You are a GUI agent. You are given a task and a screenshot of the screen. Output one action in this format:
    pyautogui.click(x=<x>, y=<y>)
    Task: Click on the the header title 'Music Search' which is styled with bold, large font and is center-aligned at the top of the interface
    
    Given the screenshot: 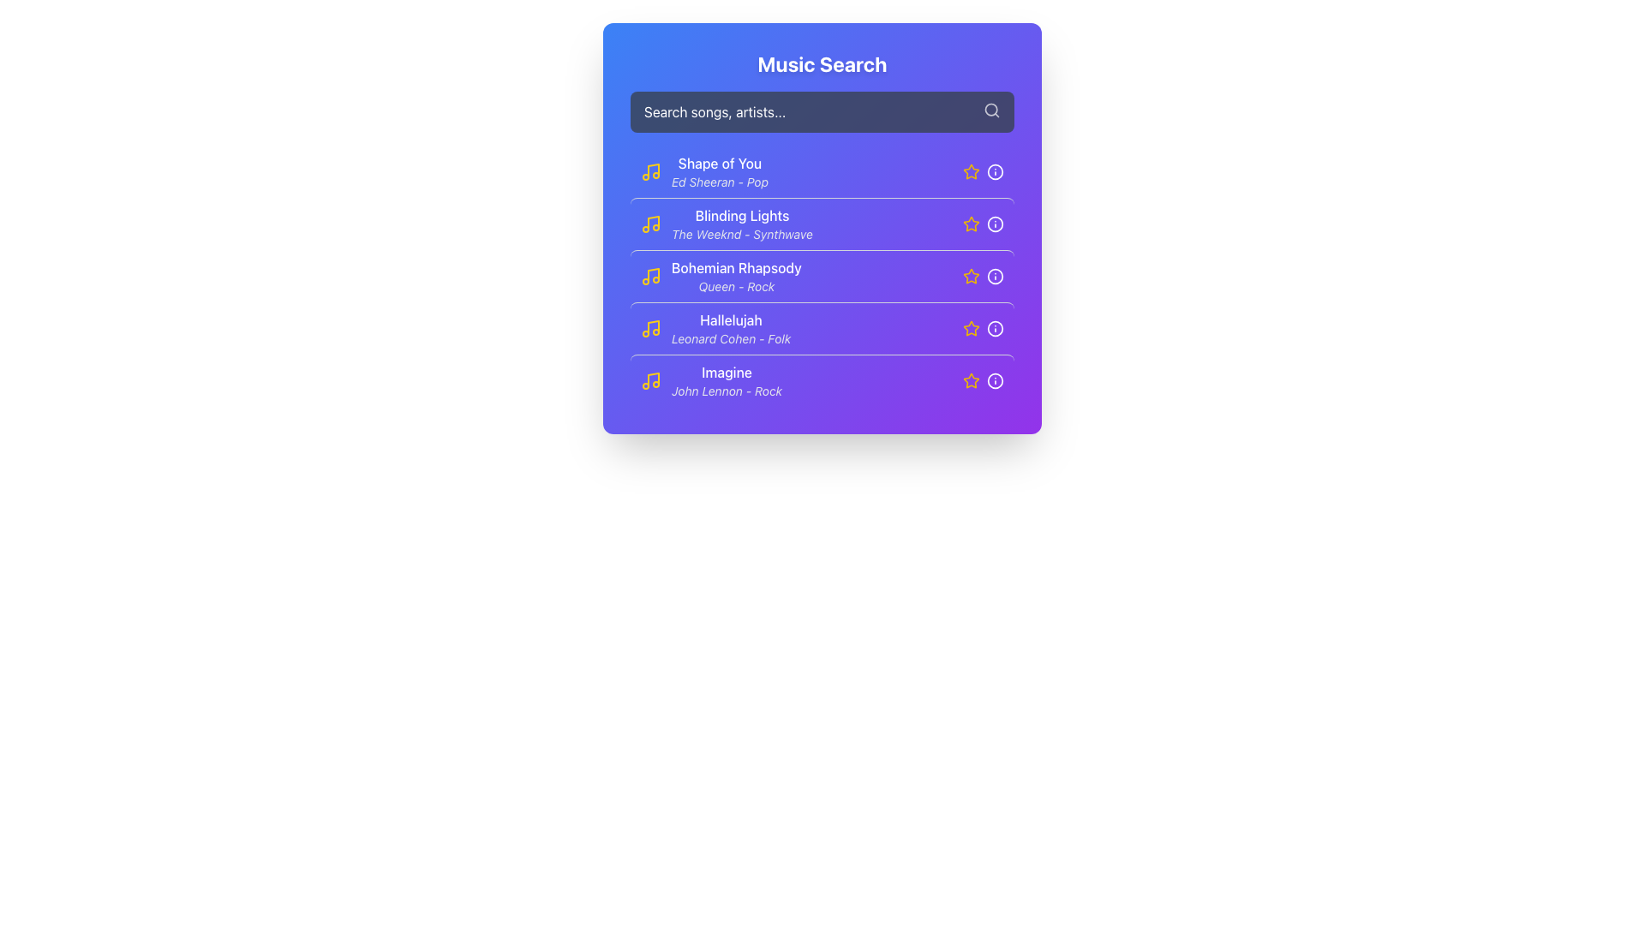 What is the action you would take?
    pyautogui.click(x=822, y=63)
    